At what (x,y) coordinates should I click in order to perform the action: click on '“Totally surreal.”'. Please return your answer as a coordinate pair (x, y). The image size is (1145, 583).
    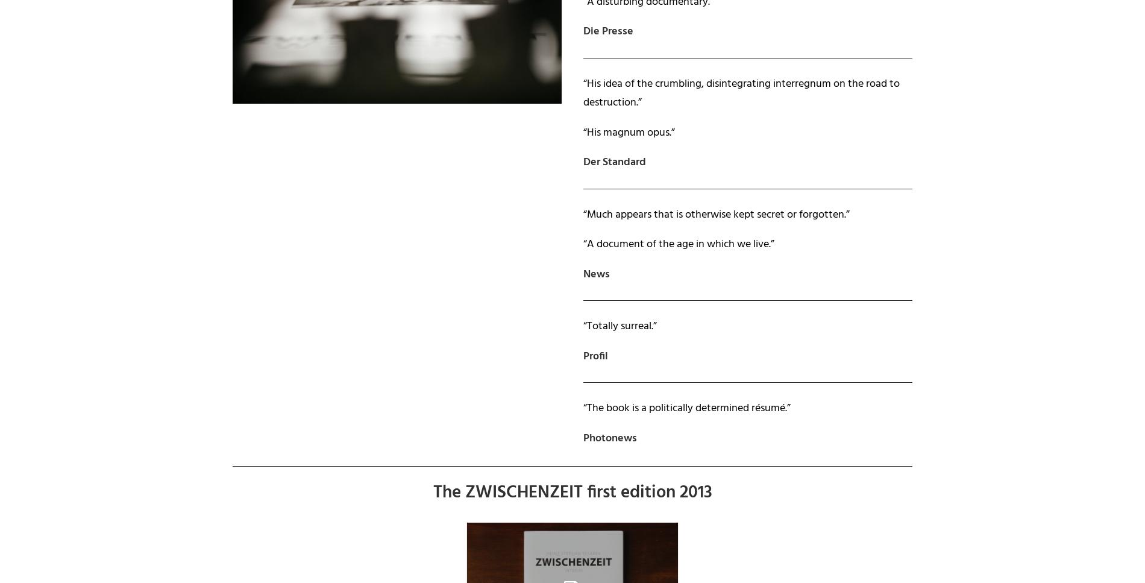
    Looking at the image, I should click on (620, 326).